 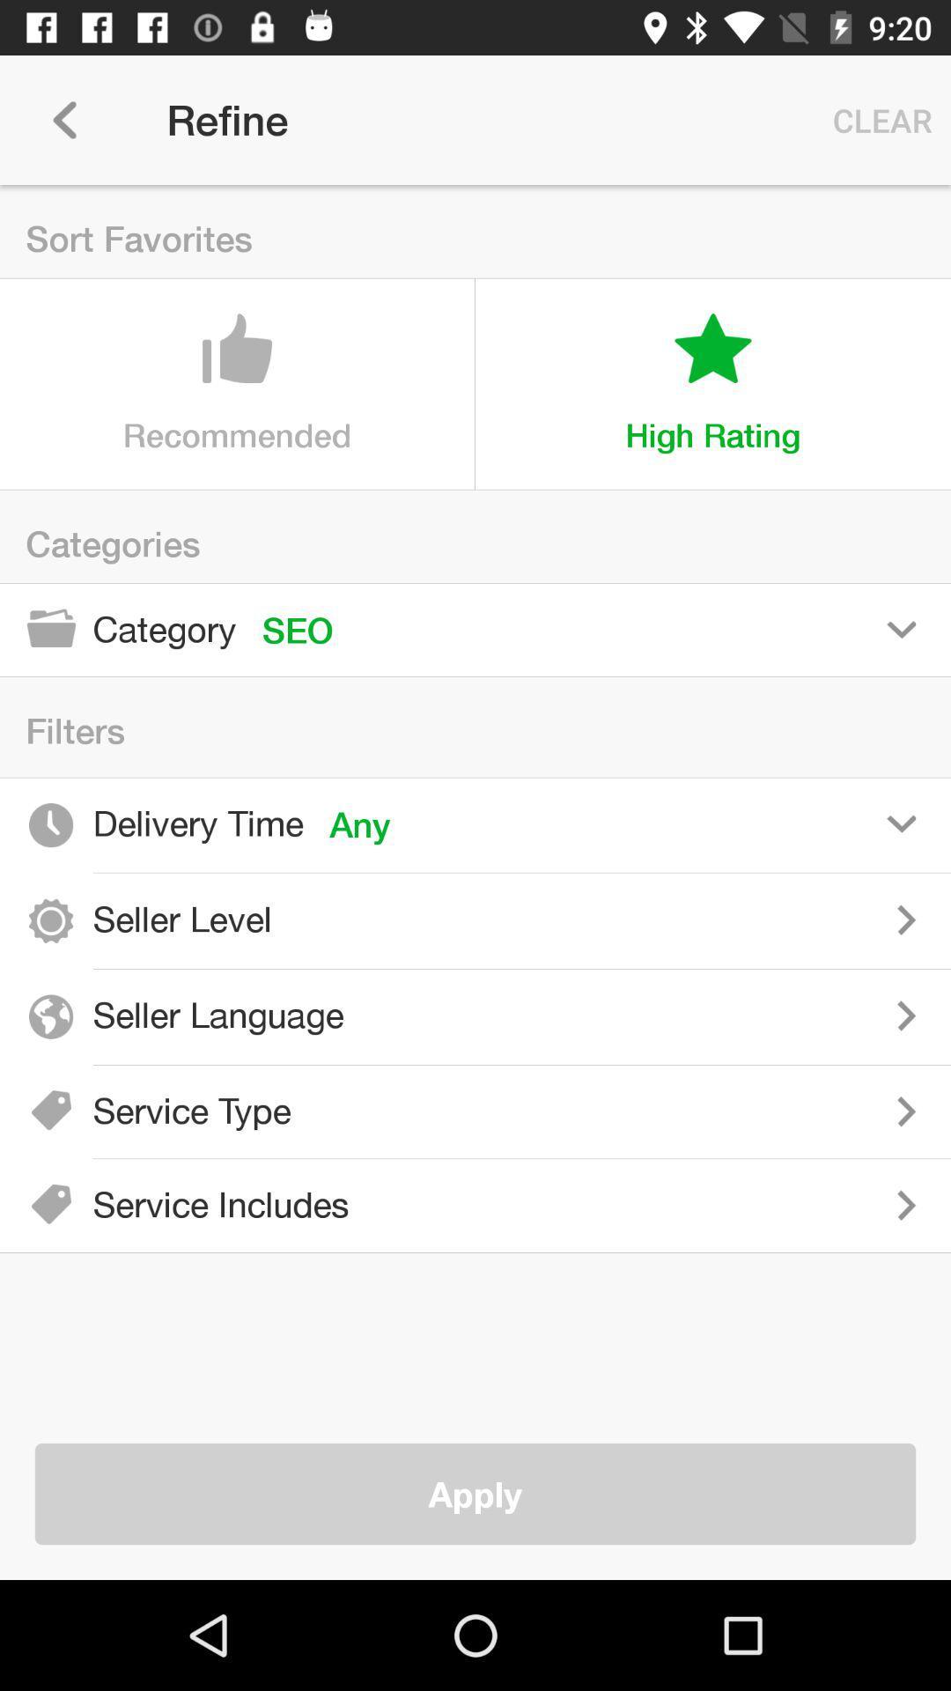 I want to click on service includes filter, so click(x=662, y=1204).